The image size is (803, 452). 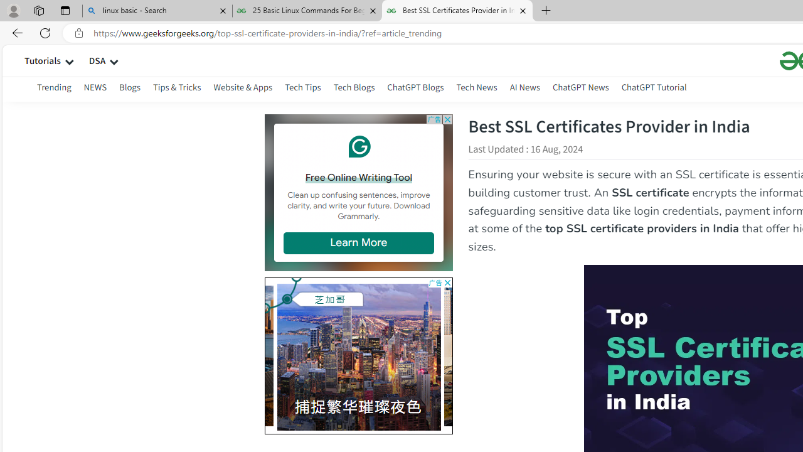 I want to click on 'Tech Tips', so click(x=303, y=89).